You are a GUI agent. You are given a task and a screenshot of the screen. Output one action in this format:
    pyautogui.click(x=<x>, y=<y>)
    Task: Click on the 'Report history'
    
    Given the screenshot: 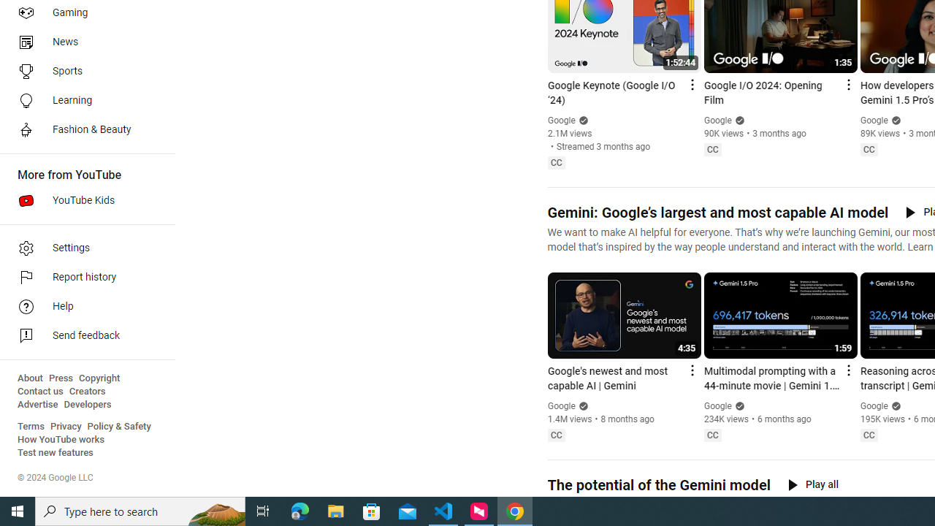 What is the action you would take?
    pyautogui.click(x=82, y=278)
    